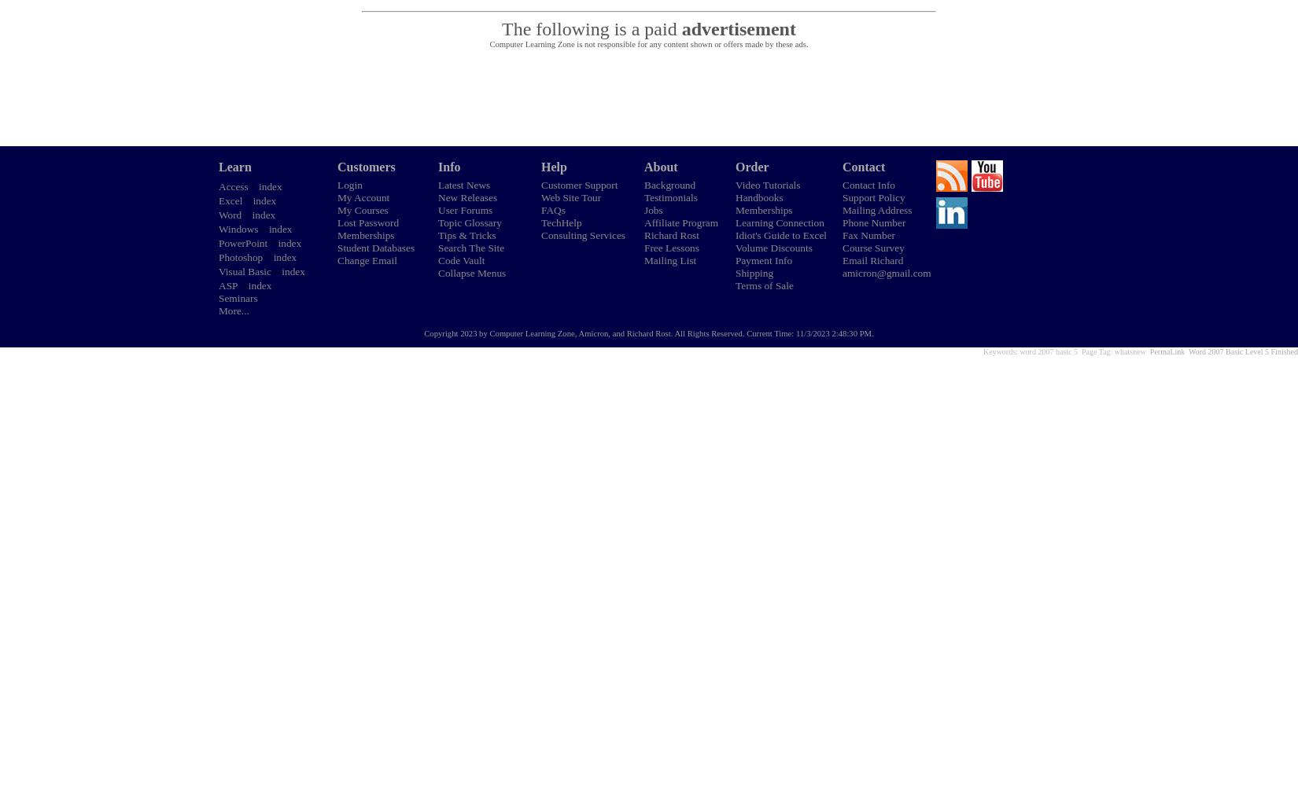  I want to click on 'amicron@gmail.com', so click(886, 272).